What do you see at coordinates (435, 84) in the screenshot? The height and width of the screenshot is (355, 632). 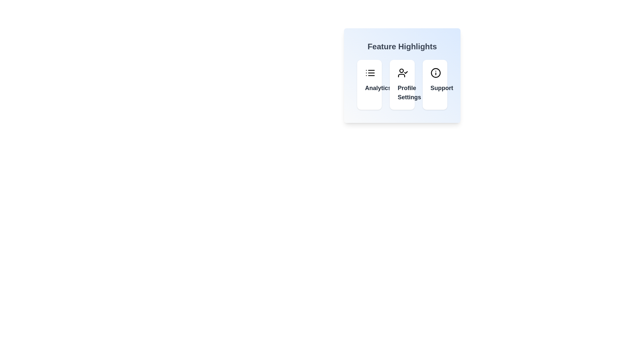 I see `the Interactive Card, which is the third card in a horizontal grid of three` at bounding box center [435, 84].